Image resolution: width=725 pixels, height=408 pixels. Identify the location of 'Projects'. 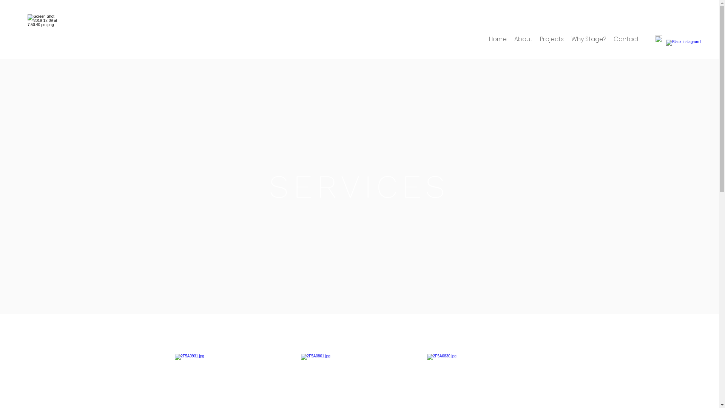
(552, 39).